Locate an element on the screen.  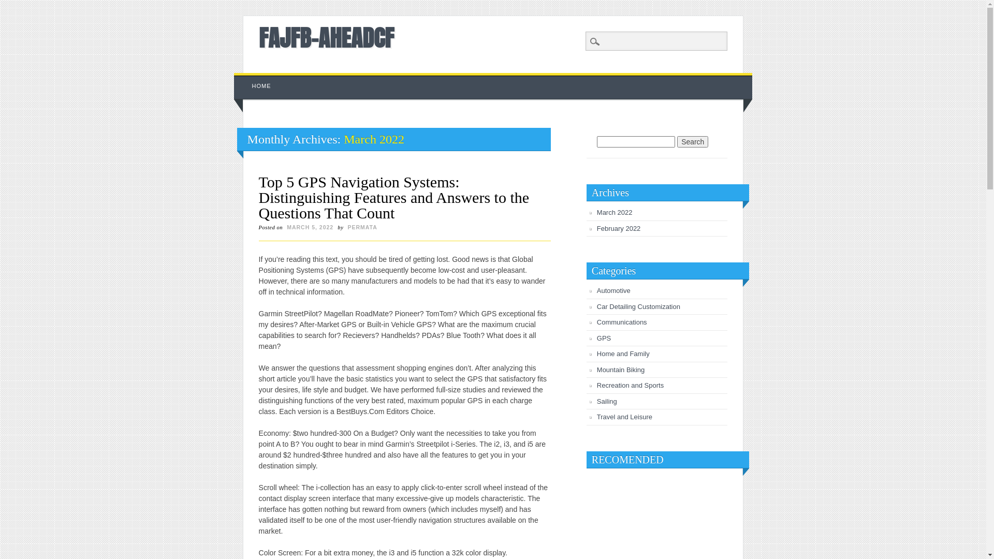
'March 2022' is located at coordinates (596, 212).